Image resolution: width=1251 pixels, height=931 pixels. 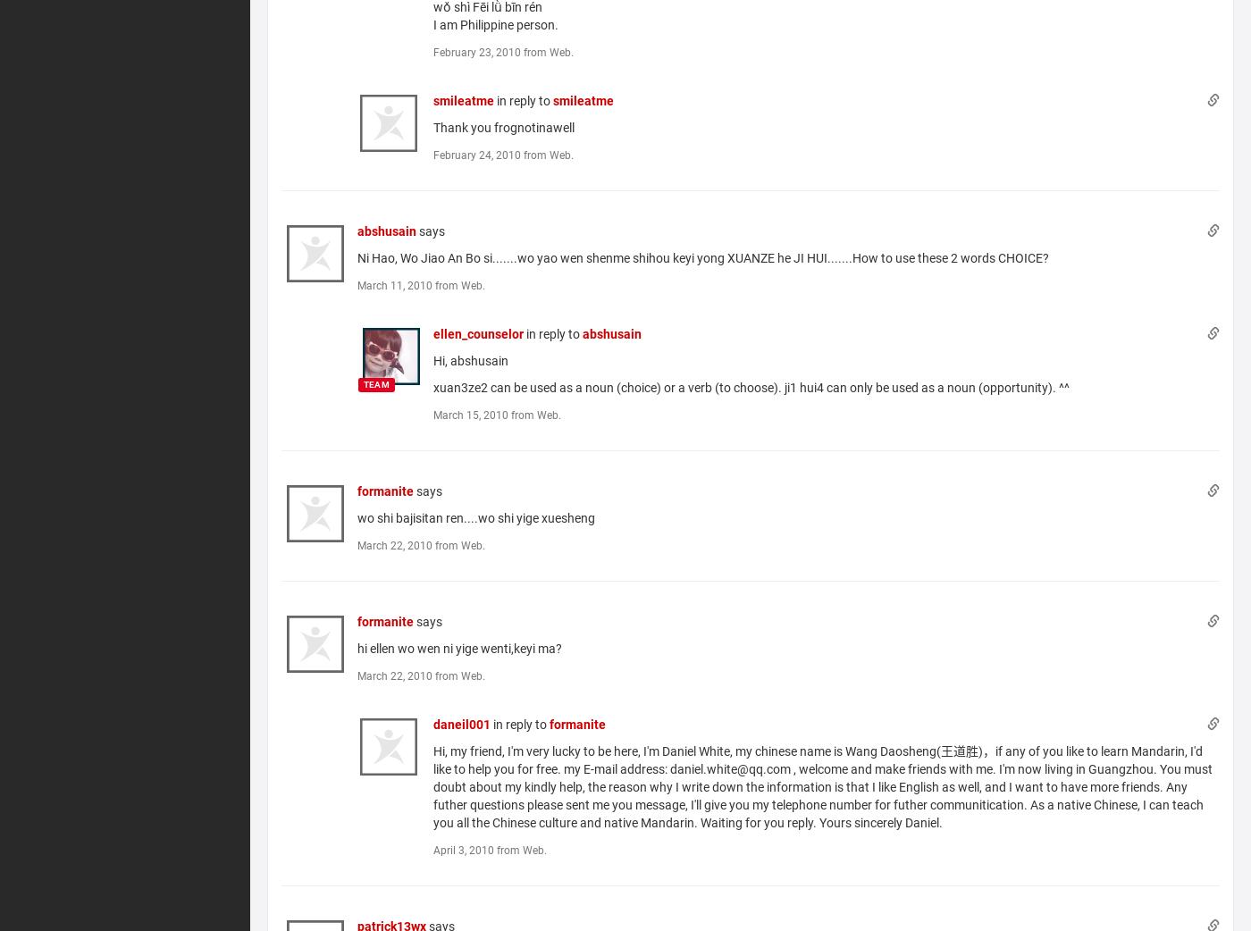 I want to click on 'February 23, 2010 from  Web.', so click(x=503, y=51).